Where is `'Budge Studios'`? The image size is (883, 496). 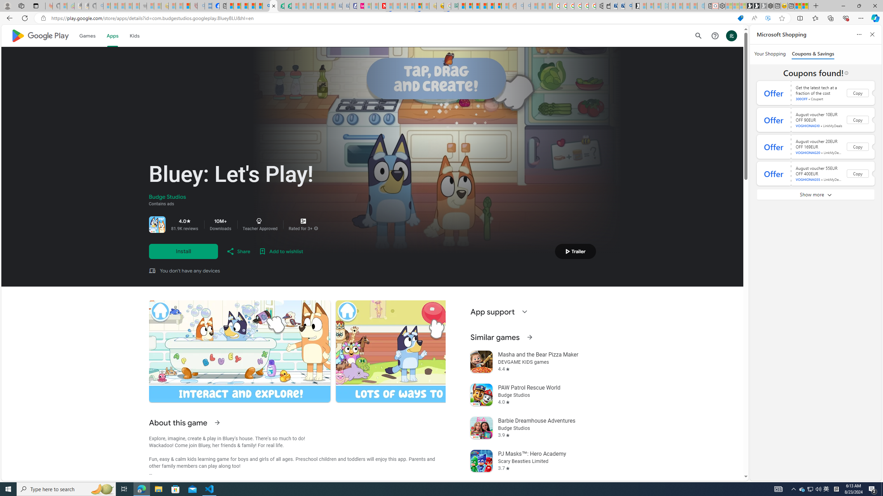
'Budge Studios' is located at coordinates (167, 196).